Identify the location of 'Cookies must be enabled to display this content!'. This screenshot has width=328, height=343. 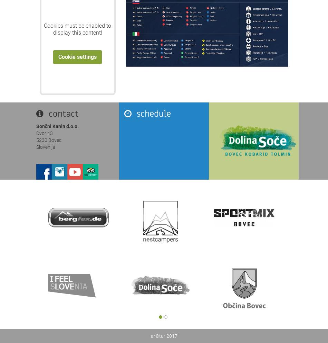
(44, 29).